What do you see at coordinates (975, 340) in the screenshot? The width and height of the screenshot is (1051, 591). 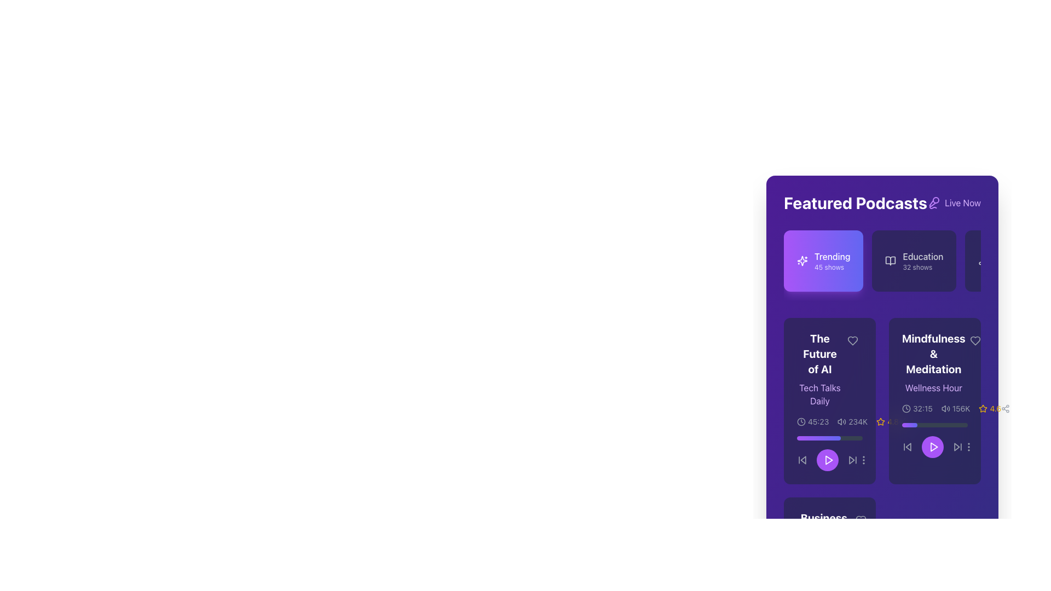 I see `the favorite button located at the top-right corner of the 'Mindfulness & Meditation' card to mark the podcast as a favorite` at bounding box center [975, 340].